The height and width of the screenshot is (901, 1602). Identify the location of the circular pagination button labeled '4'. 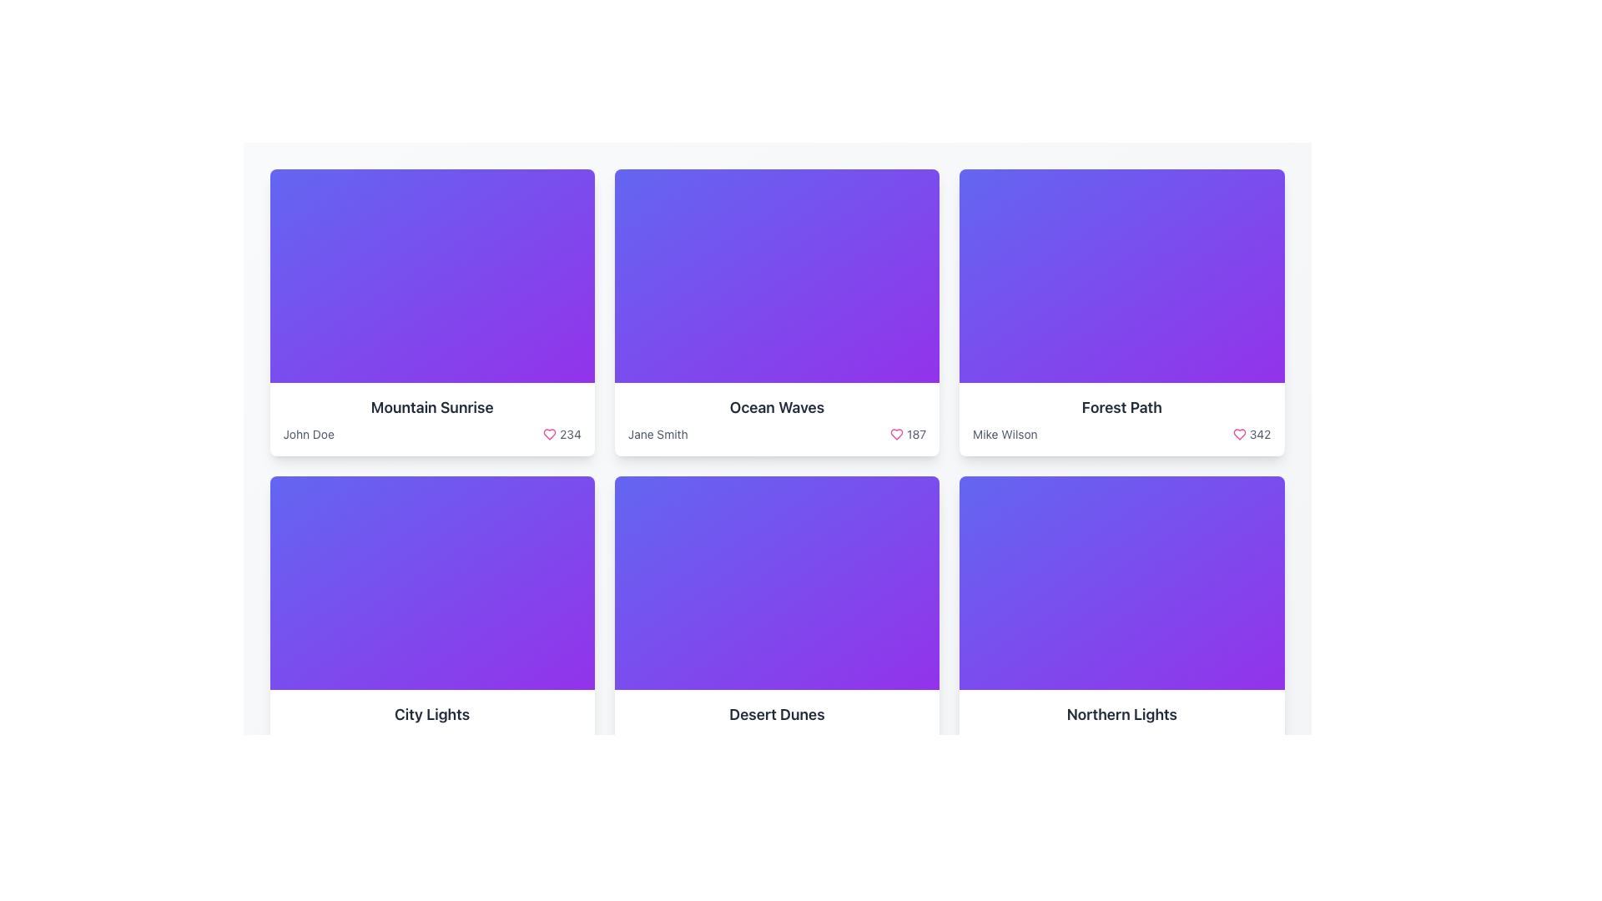
(829, 807).